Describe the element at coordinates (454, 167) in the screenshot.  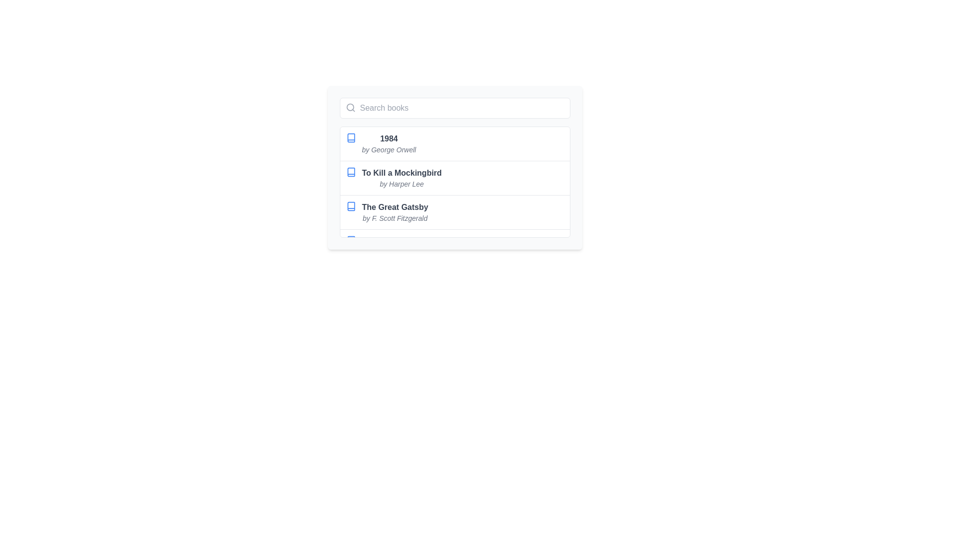
I see `the second entry in the list of books, which displays the title and author name for selection` at that location.